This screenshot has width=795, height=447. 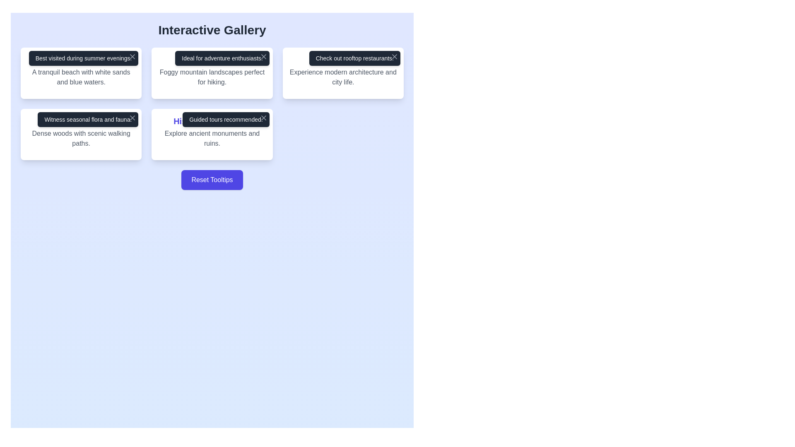 I want to click on the close button located at the top-right corner of the tooltip that contains the text 'Ideal for adventure enthusiasts' to change its color, so click(x=263, y=56).